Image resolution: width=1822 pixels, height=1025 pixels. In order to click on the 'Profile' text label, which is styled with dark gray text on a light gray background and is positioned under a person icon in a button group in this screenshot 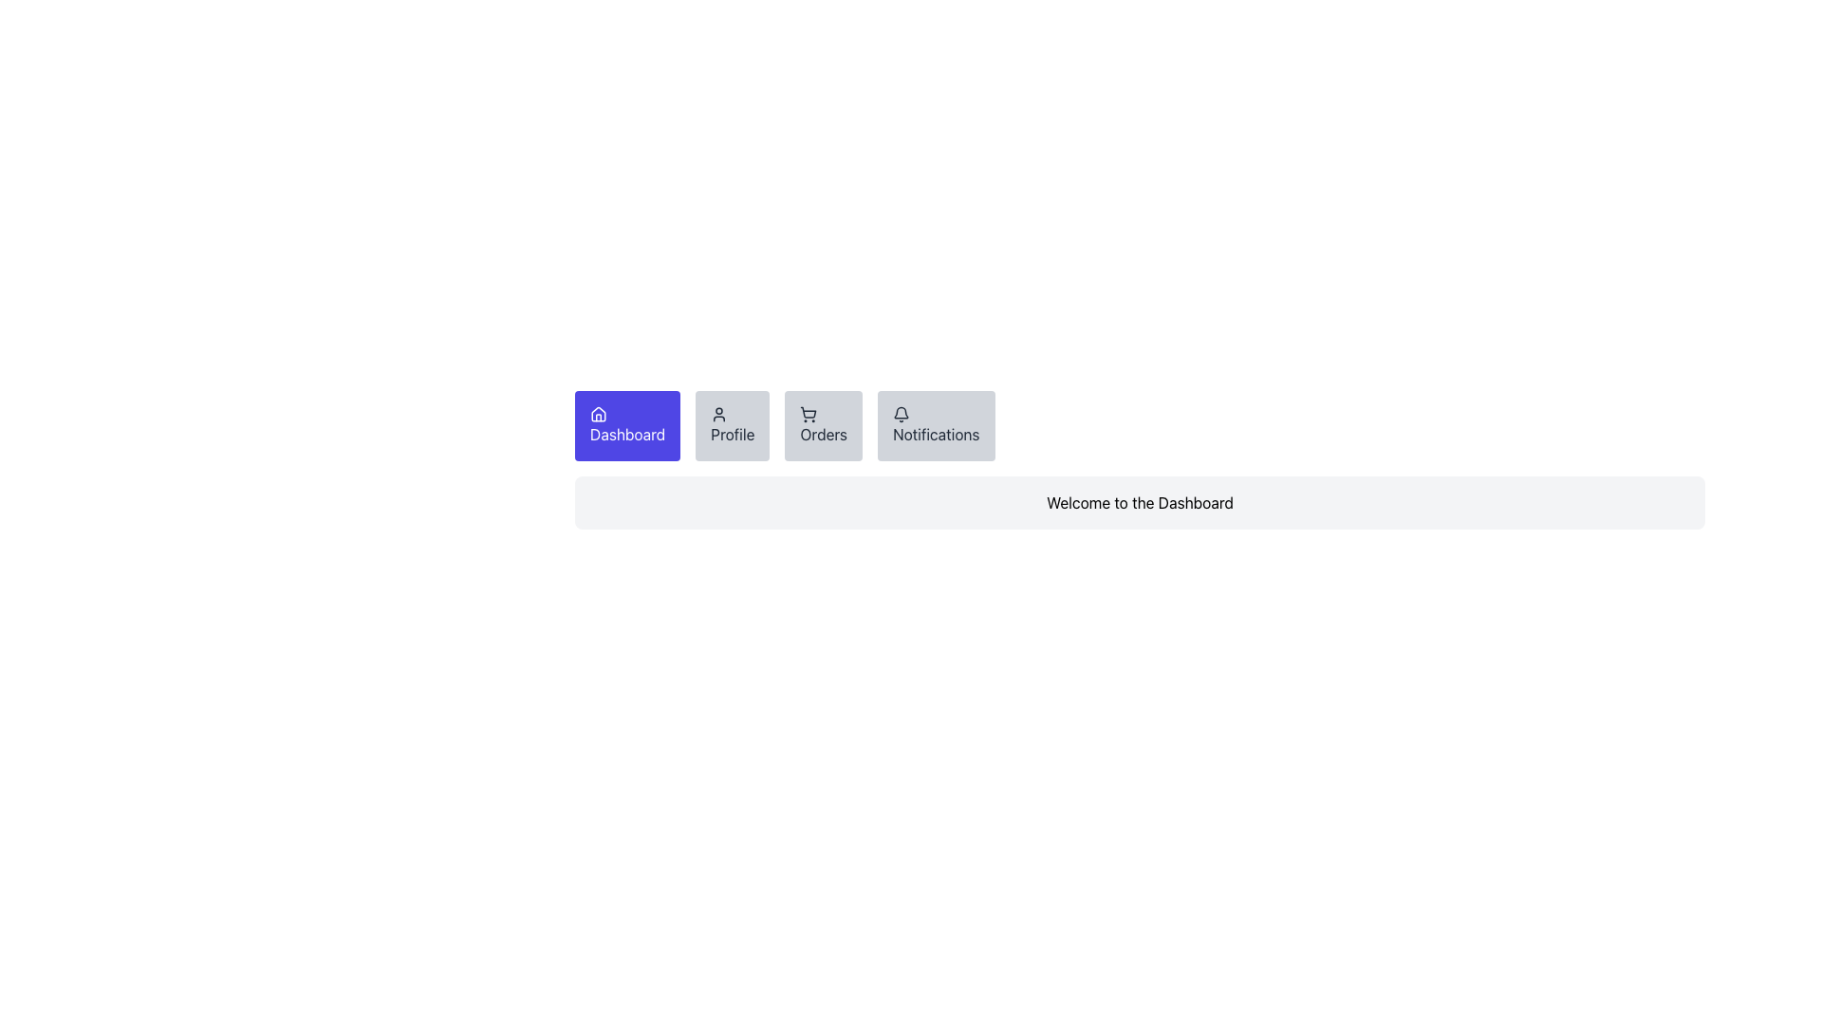, I will do `click(732, 435)`.